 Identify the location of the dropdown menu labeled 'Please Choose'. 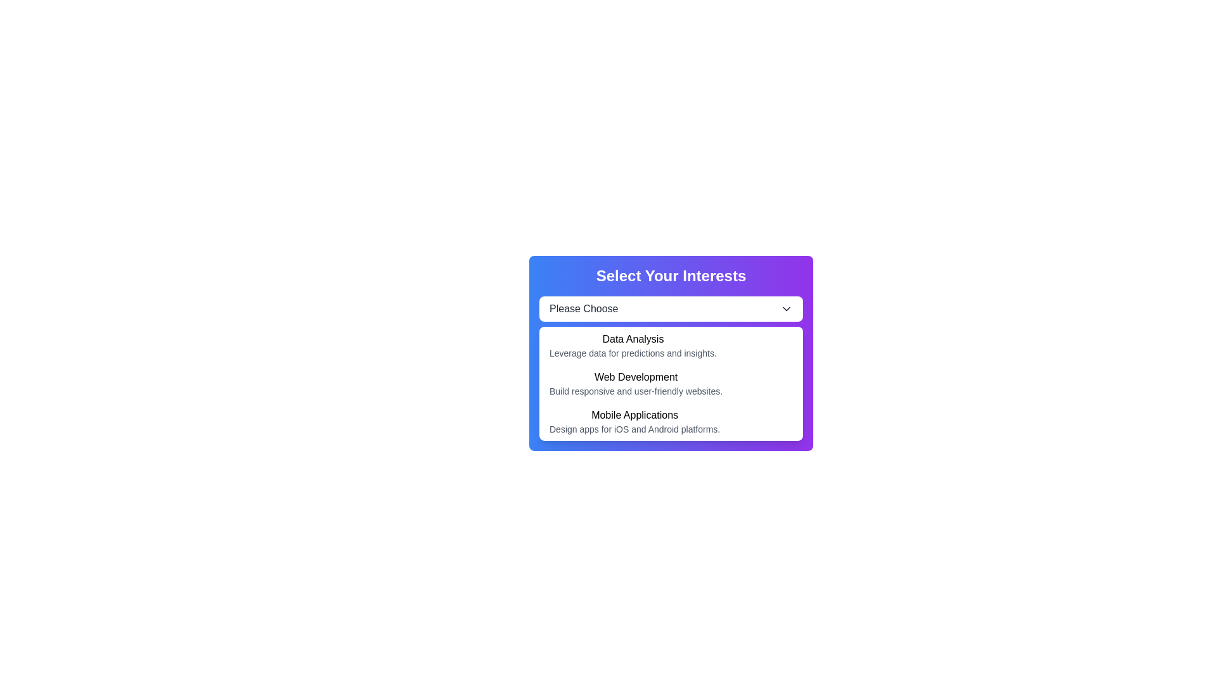
(671, 309).